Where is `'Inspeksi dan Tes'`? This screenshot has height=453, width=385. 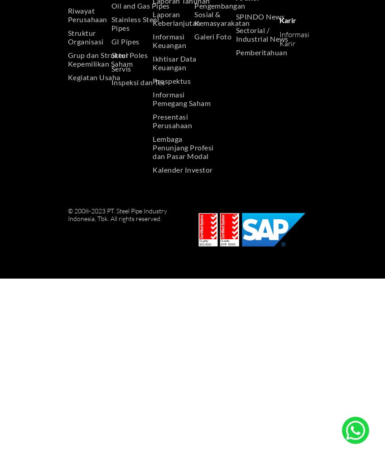 'Inspeksi dan Tes' is located at coordinates (111, 82).